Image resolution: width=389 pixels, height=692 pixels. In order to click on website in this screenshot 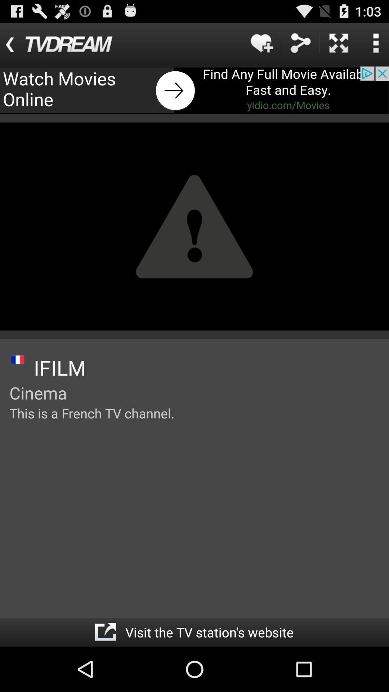, I will do `click(105, 632)`.